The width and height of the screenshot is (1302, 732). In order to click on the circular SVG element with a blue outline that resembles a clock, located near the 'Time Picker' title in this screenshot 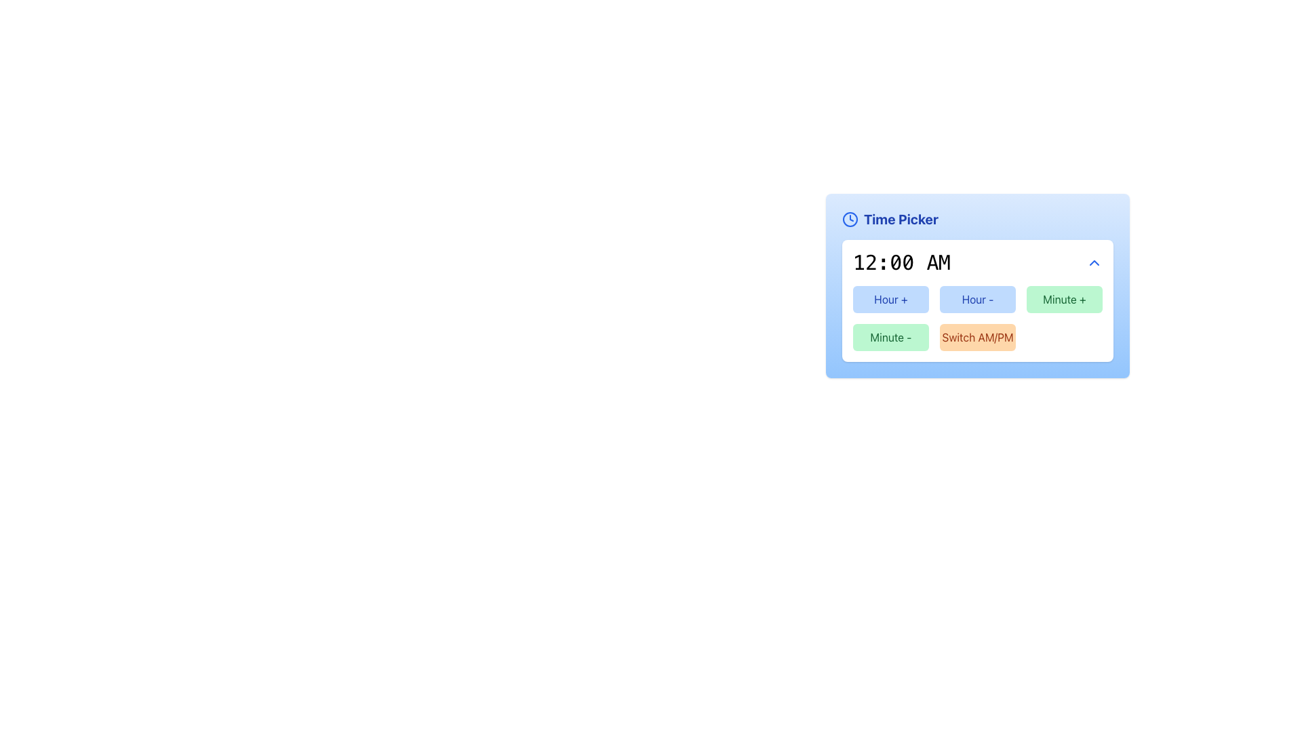, I will do `click(849, 219)`.